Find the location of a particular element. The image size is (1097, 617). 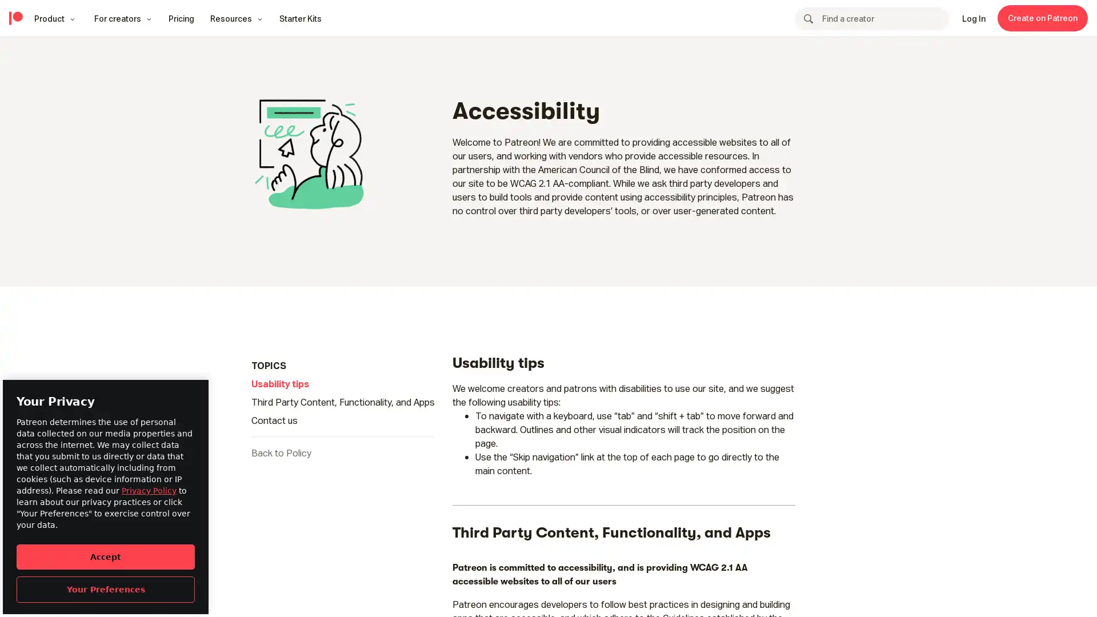

Contact us is located at coordinates (274, 420).